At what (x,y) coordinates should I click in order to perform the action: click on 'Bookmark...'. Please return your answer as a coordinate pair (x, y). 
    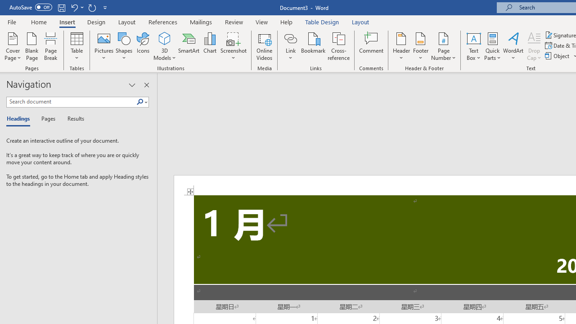
    Looking at the image, I should click on (313, 46).